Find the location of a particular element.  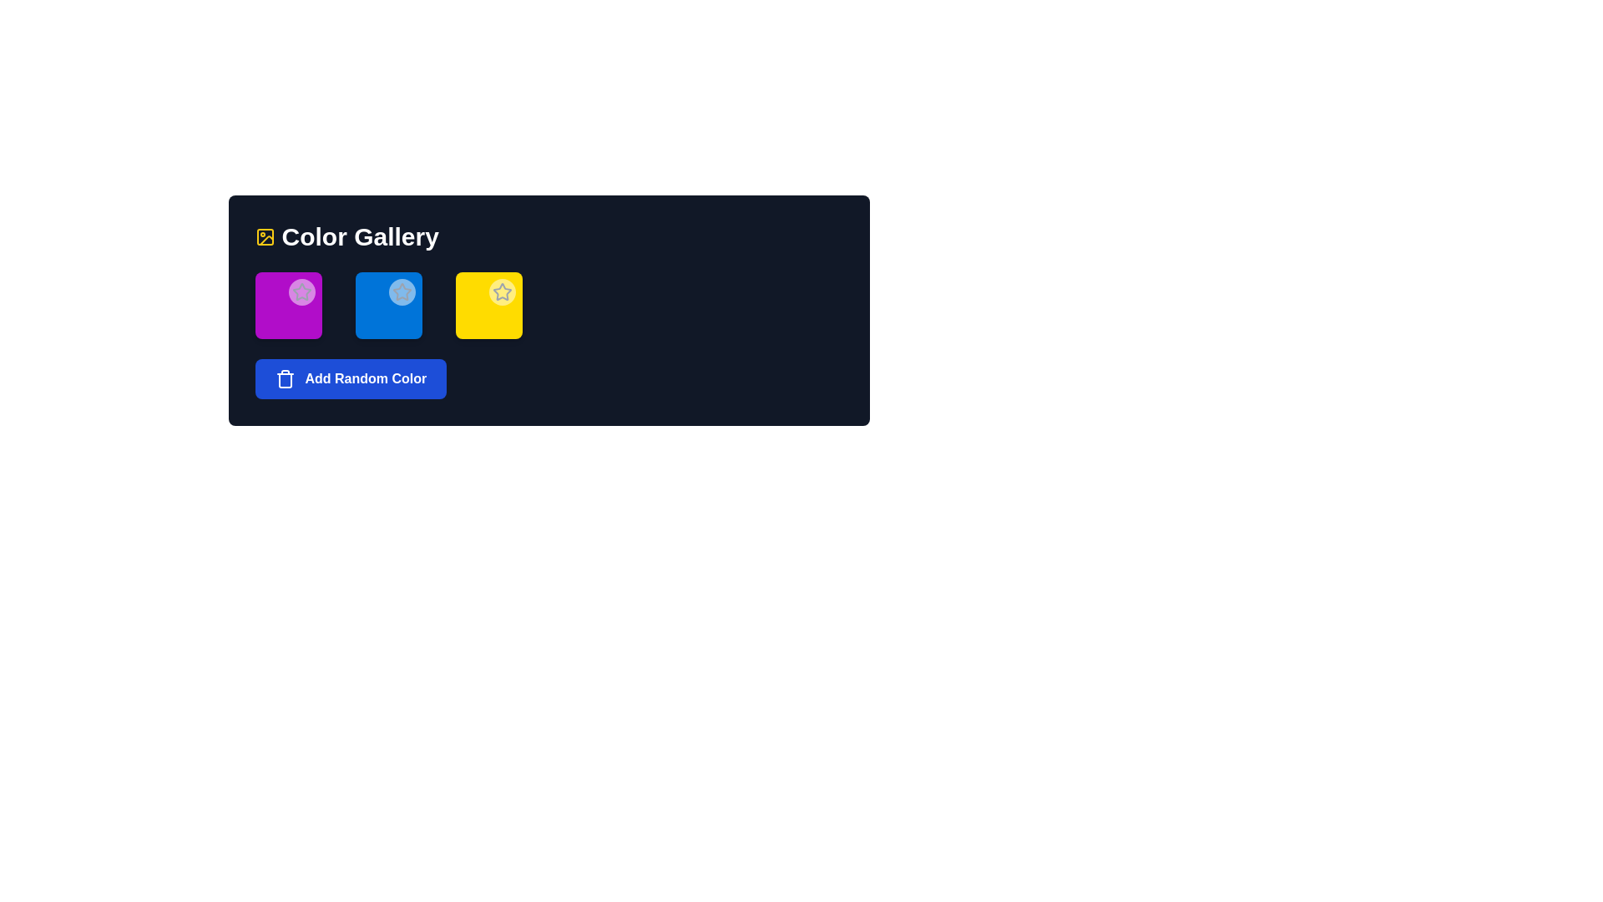

the badge on the yellow square tile with a star in the top-right corner is located at coordinates (488, 306).